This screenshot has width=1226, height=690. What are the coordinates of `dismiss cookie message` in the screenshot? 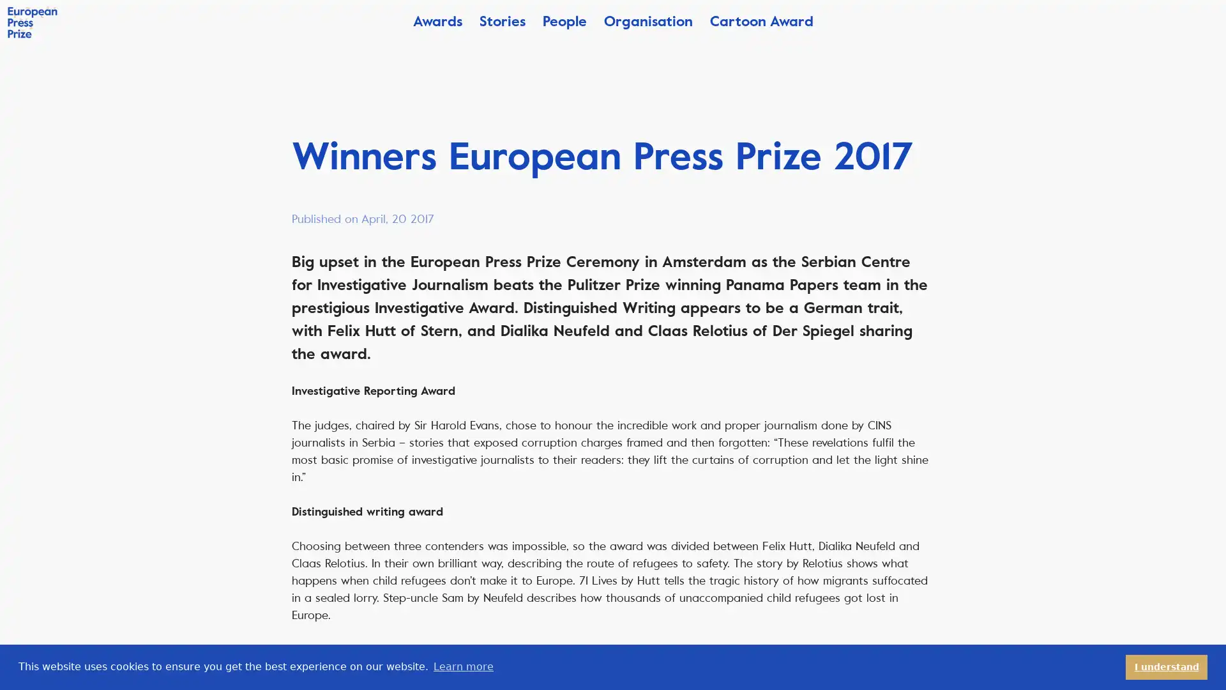 It's located at (1167, 666).